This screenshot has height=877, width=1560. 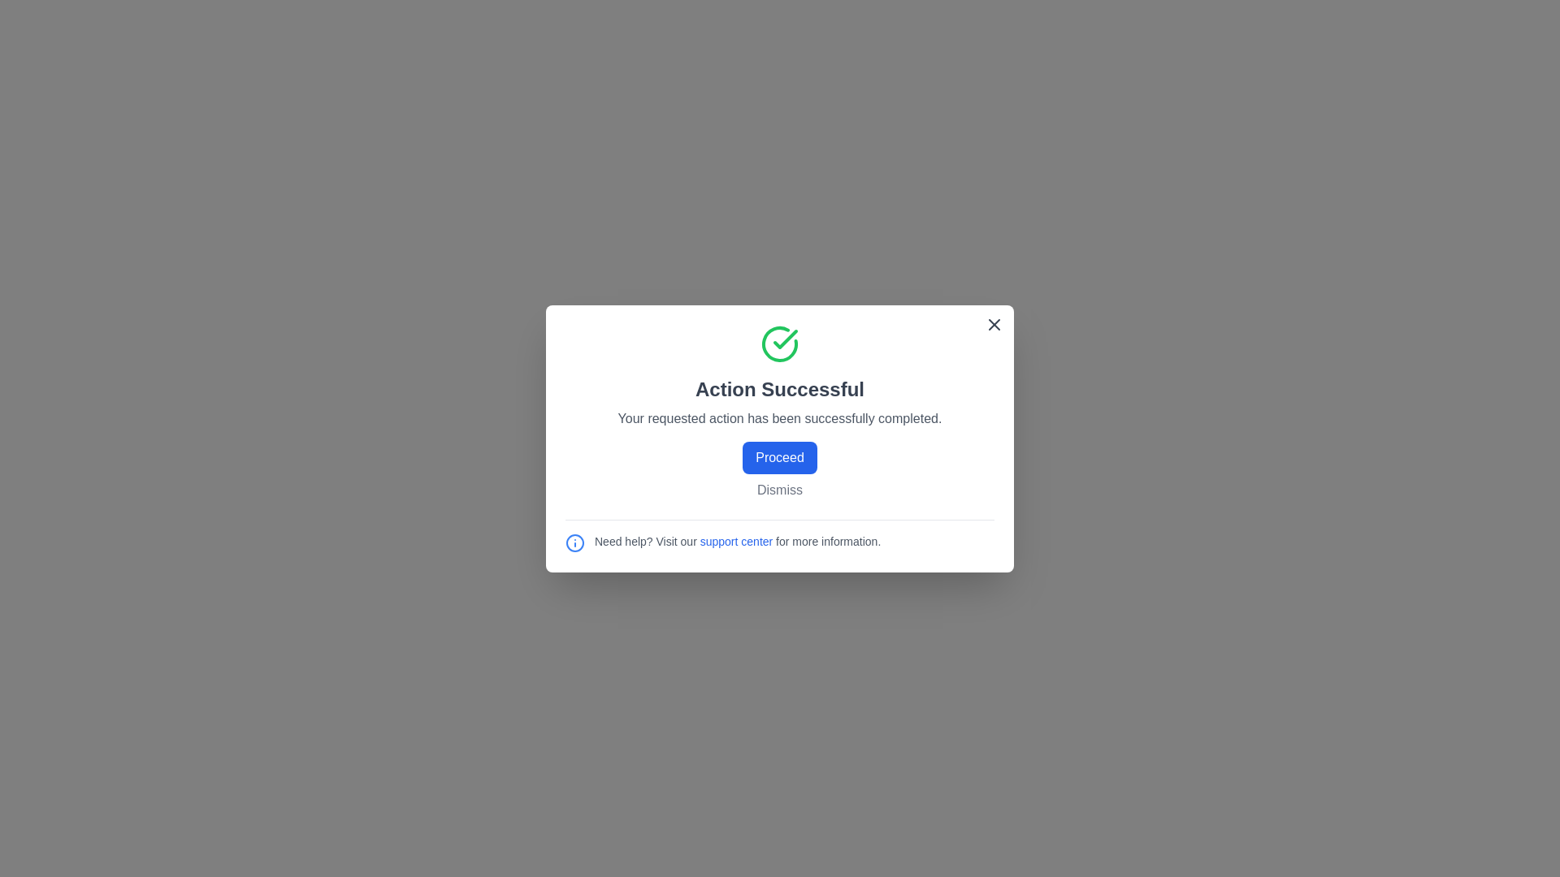 What do you see at coordinates (575, 542) in the screenshot?
I see `the information icon, which is a blue circular outline with a centered vertical line, located to the left of the help message 'Need help? Visit our support center for more information.'` at bounding box center [575, 542].